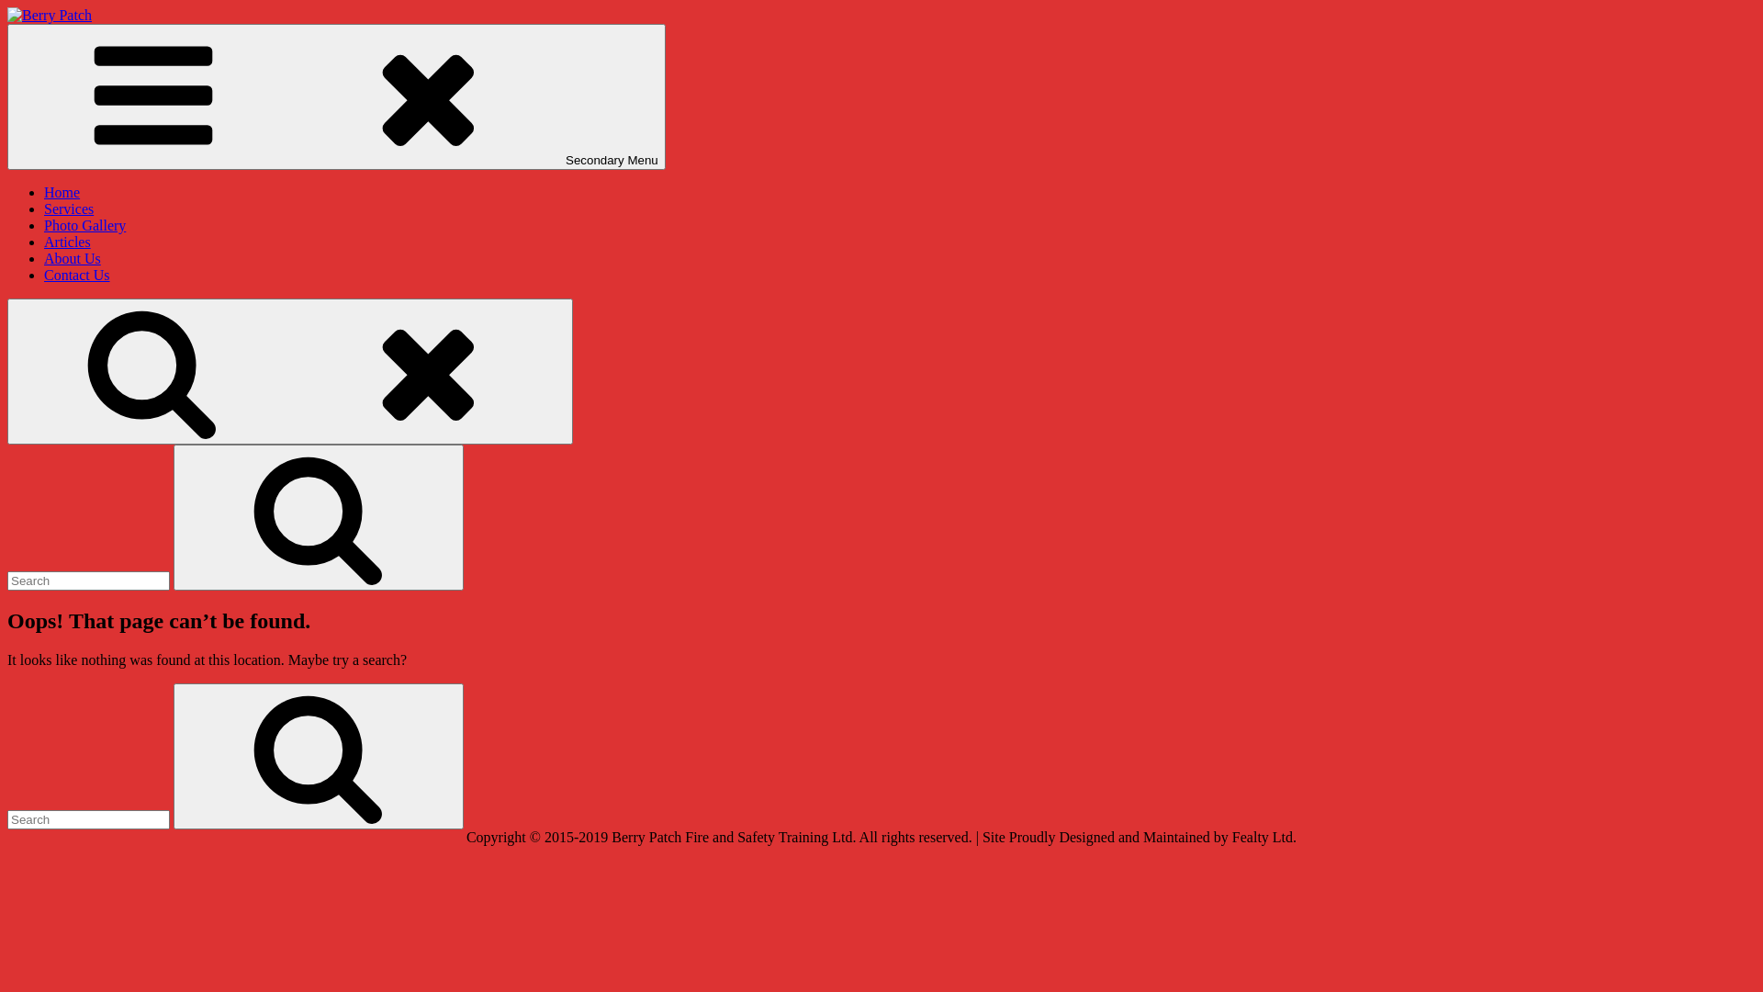 The height and width of the screenshot is (992, 1763). Describe the element at coordinates (67, 241) in the screenshot. I see `'Articles'` at that location.